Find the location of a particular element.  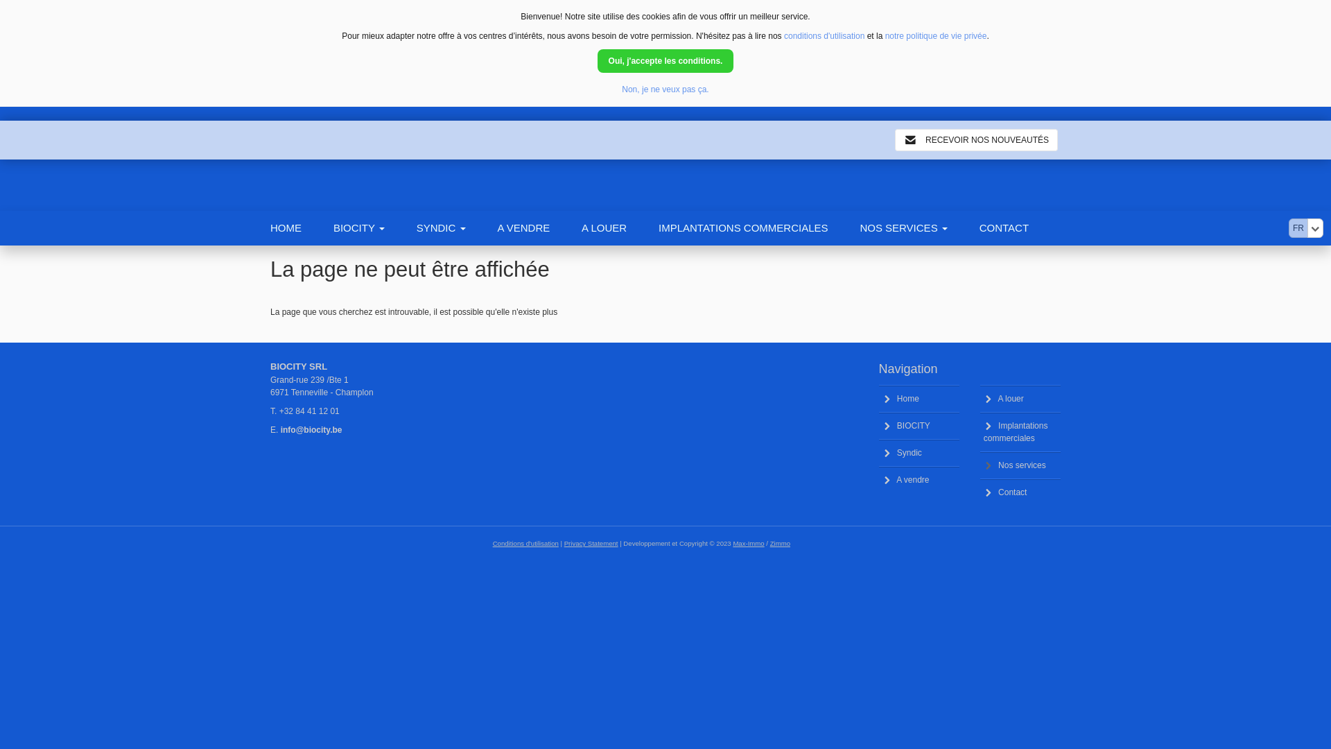

'Max-Immo' is located at coordinates (747, 542).